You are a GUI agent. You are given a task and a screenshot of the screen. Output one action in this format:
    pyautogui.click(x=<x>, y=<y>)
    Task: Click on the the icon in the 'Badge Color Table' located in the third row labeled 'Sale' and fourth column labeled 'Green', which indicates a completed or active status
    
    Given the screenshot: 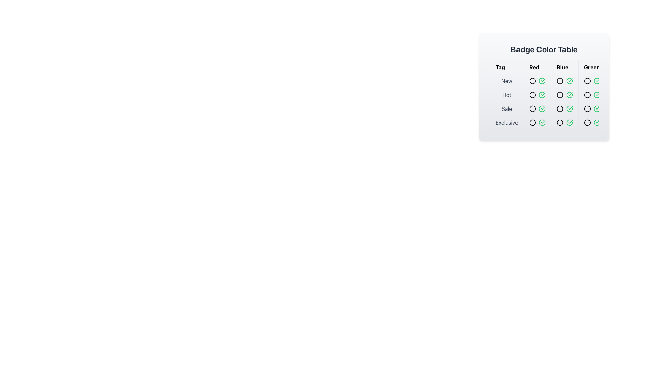 What is the action you would take?
    pyautogui.click(x=597, y=108)
    